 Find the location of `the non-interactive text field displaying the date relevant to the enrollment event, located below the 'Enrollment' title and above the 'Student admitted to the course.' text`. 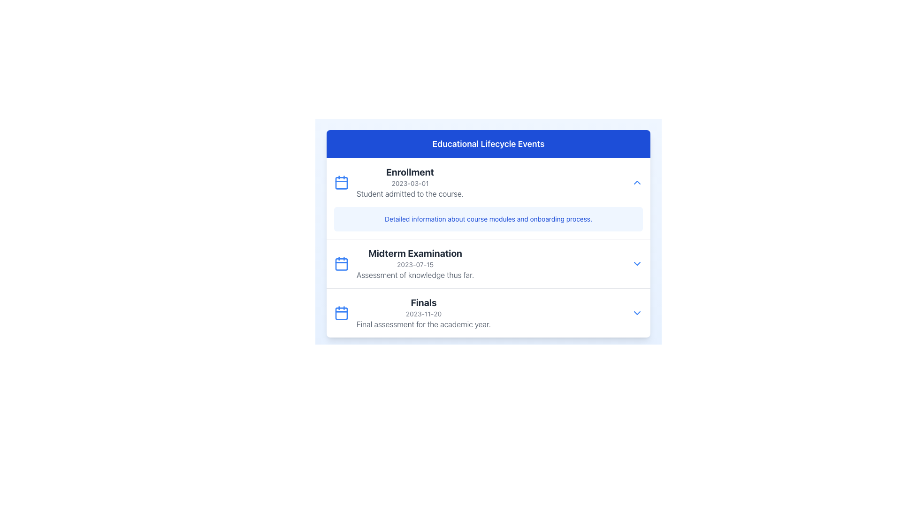

the non-interactive text field displaying the date relevant to the enrollment event, located below the 'Enrollment' title and above the 'Student admitted to the course.' text is located at coordinates (410, 183).